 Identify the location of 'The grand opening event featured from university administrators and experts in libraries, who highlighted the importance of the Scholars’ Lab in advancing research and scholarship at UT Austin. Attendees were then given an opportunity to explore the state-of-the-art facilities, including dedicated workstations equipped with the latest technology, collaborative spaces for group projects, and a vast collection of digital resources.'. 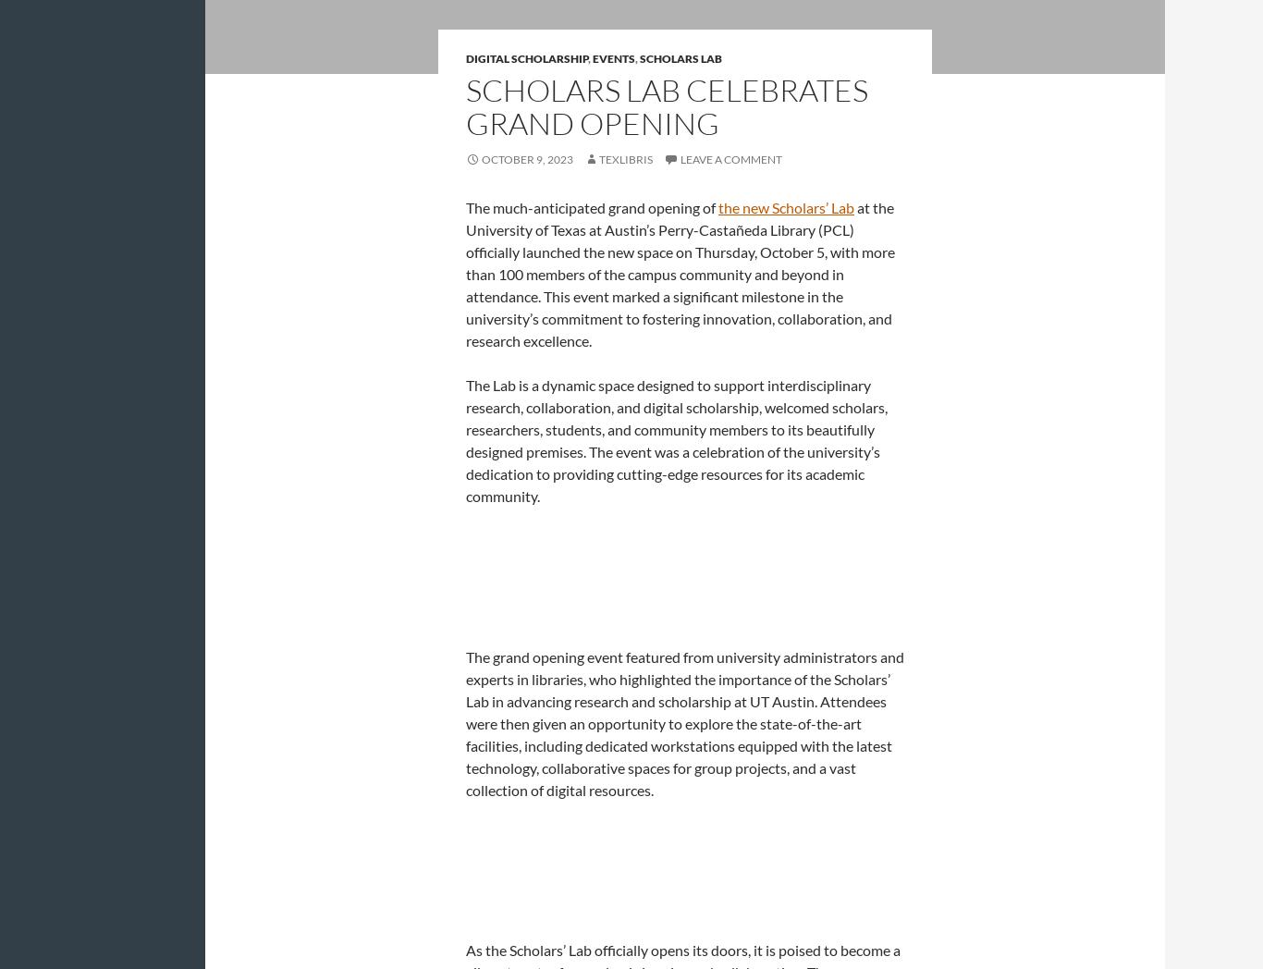
(685, 722).